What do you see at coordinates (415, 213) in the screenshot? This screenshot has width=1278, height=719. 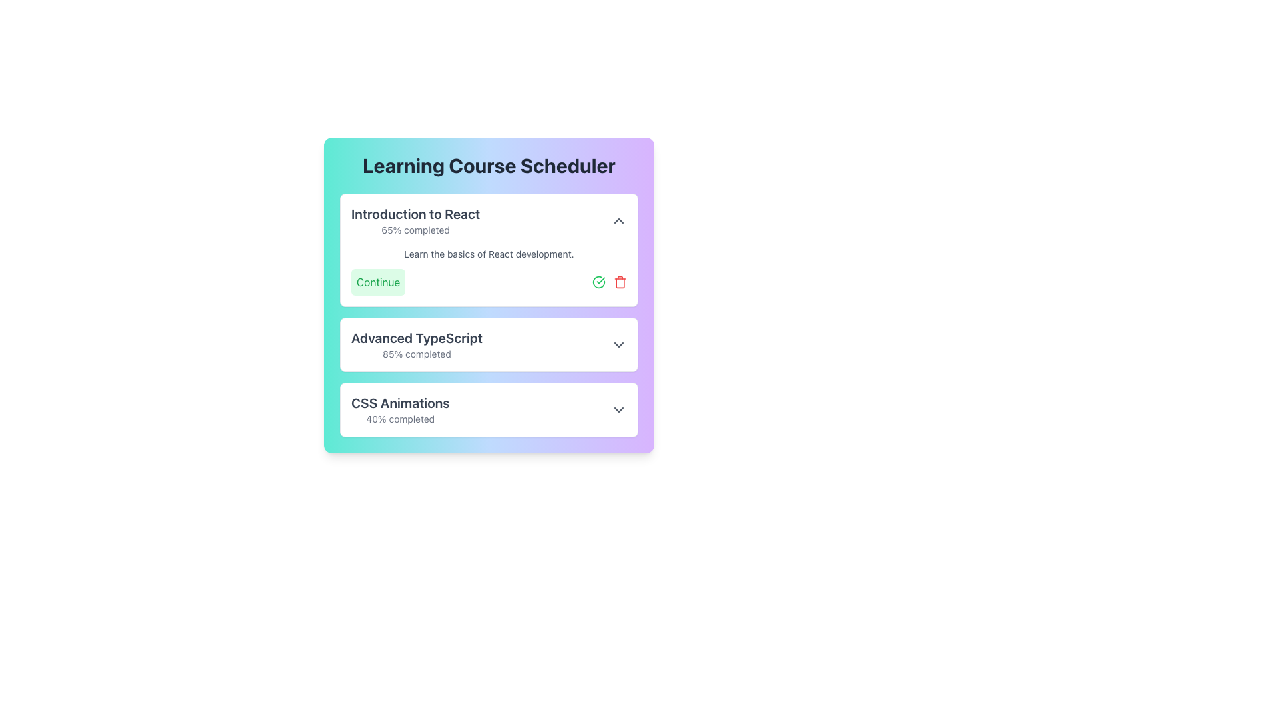 I see `the text label displaying 'Introduction to React', which is styled in bold, dark gray, and located at the top of the 'Learning Course Scheduler' card section` at bounding box center [415, 213].